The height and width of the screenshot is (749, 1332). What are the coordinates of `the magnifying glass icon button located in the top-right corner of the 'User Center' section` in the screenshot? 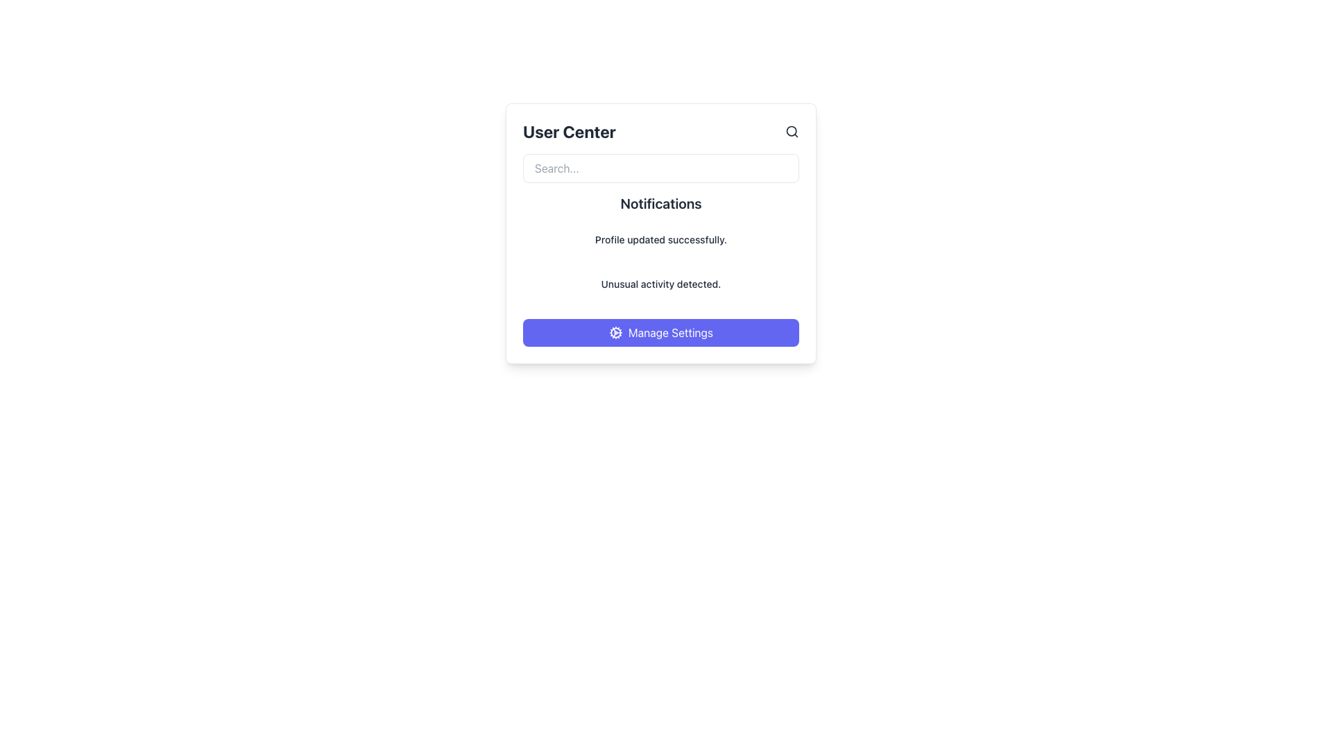 It's located at (792, 131).